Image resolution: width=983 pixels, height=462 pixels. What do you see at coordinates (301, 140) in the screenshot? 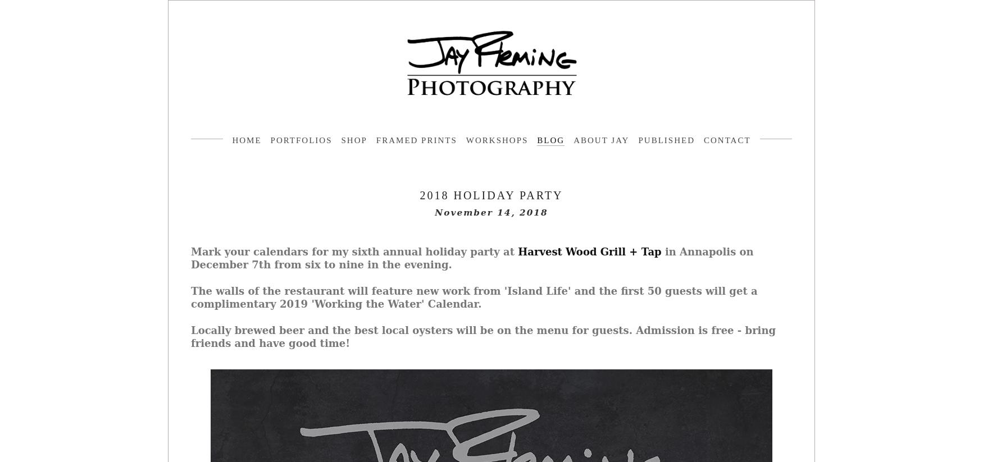
I see `'Portfolios'` at bounding box center [301, 140].